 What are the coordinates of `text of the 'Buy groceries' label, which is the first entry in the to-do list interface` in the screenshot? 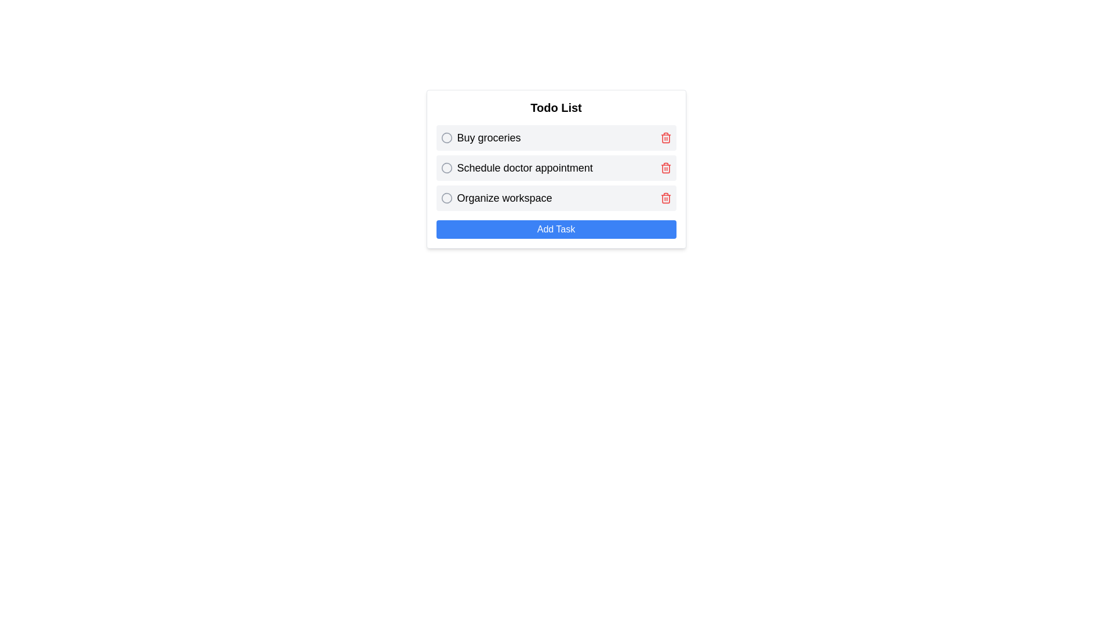 It's located at (489, 137).